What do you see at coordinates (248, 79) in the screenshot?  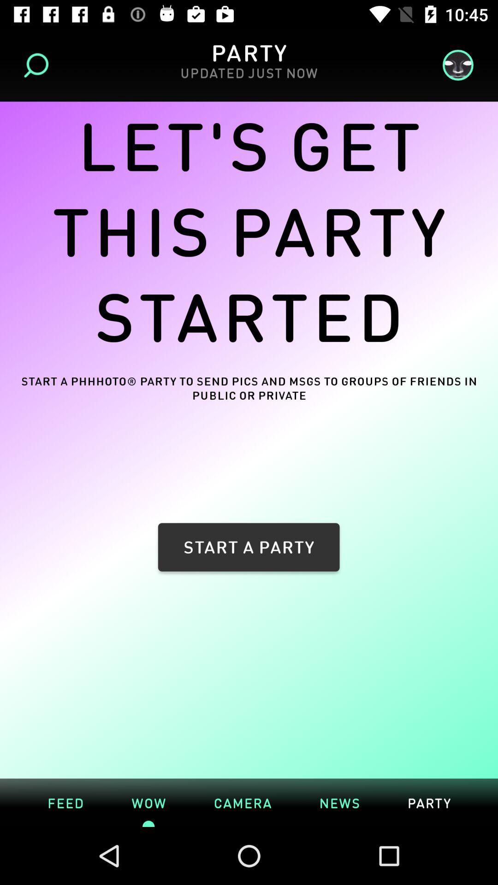 I see `the updated just now icon` at bounding box center [248, 79].